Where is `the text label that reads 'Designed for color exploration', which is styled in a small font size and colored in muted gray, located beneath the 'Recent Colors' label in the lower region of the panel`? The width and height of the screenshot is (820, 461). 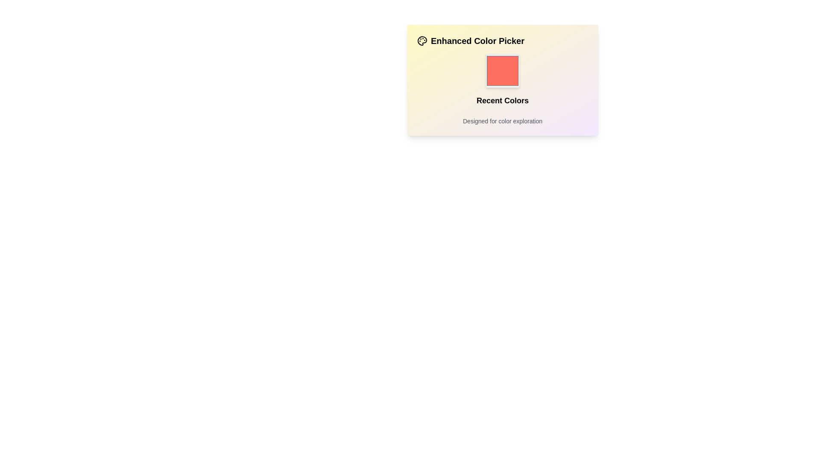 the text label that reads 'Designed for color exploration', which is styled in a small font size and colored in muted gray, located beneath the 'Recent Colors' label in the lower region of the panel is located at coordinates (502, 121).